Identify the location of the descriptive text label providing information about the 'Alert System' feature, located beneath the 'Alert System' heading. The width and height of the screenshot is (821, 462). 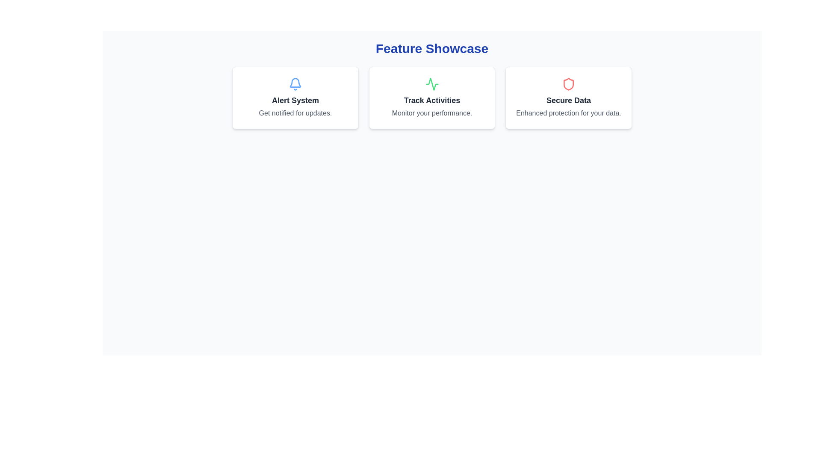
(295, 113).